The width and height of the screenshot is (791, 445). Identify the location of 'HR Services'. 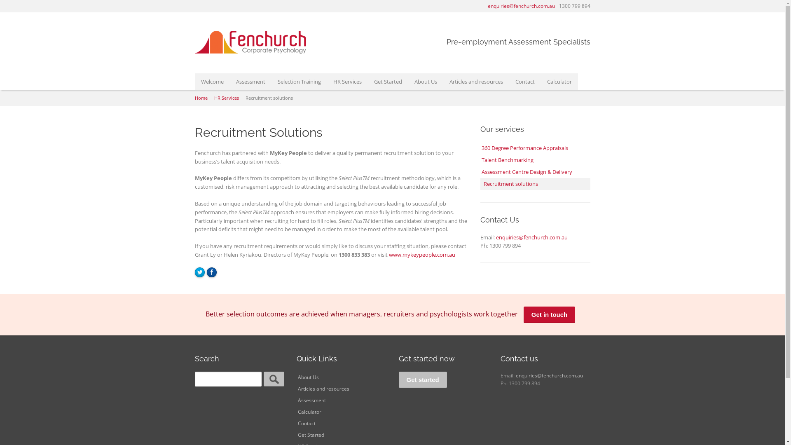
(227, 97).